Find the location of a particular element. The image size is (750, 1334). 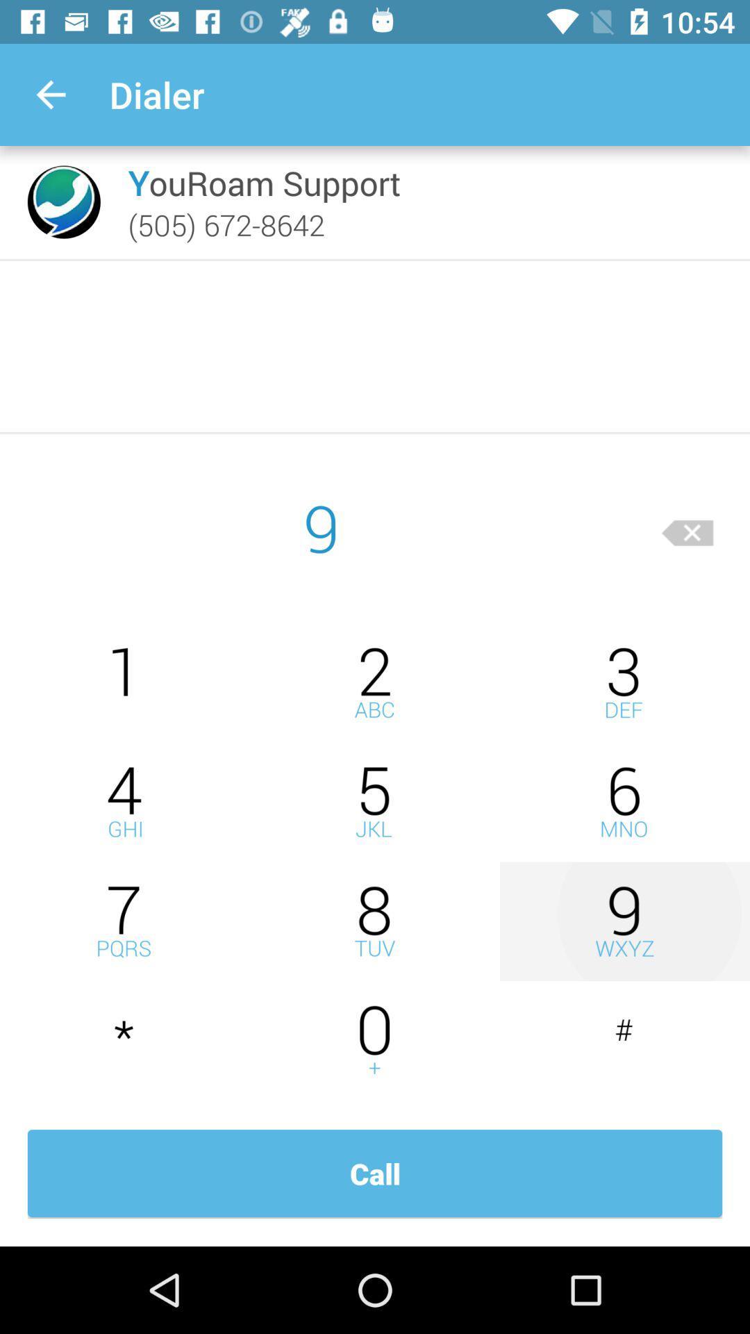

press star key is located at coordinates (125, 1041).